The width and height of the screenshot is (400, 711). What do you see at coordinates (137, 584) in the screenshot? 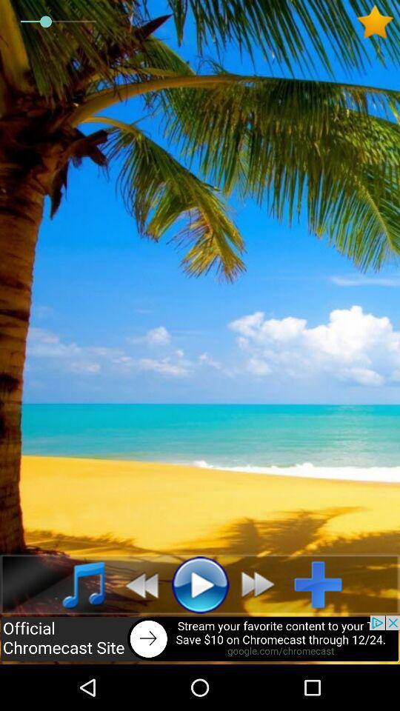
I see `the av_rewind icon` at bounding box center [137, 584].